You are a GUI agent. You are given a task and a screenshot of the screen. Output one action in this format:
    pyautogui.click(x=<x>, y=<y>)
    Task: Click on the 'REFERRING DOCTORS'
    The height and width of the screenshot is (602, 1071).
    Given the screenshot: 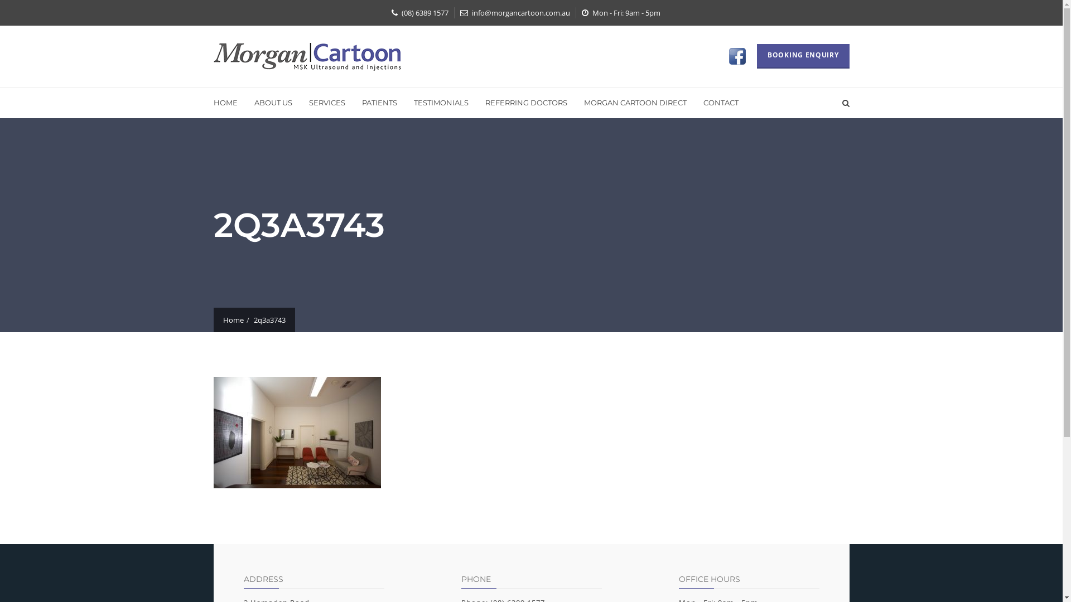 What is the action you would take?
    pyautogui.click(x=476, y=103)
    